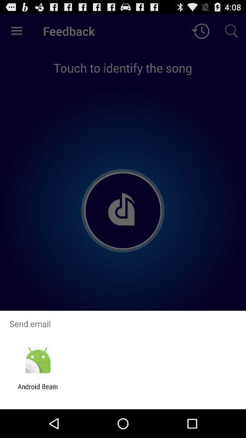 Image resolution: width=246 pixels, height=438 pixels. Describe the element at coordinates (37, 390) in the screenshot. I see `the android beam item` at that location.